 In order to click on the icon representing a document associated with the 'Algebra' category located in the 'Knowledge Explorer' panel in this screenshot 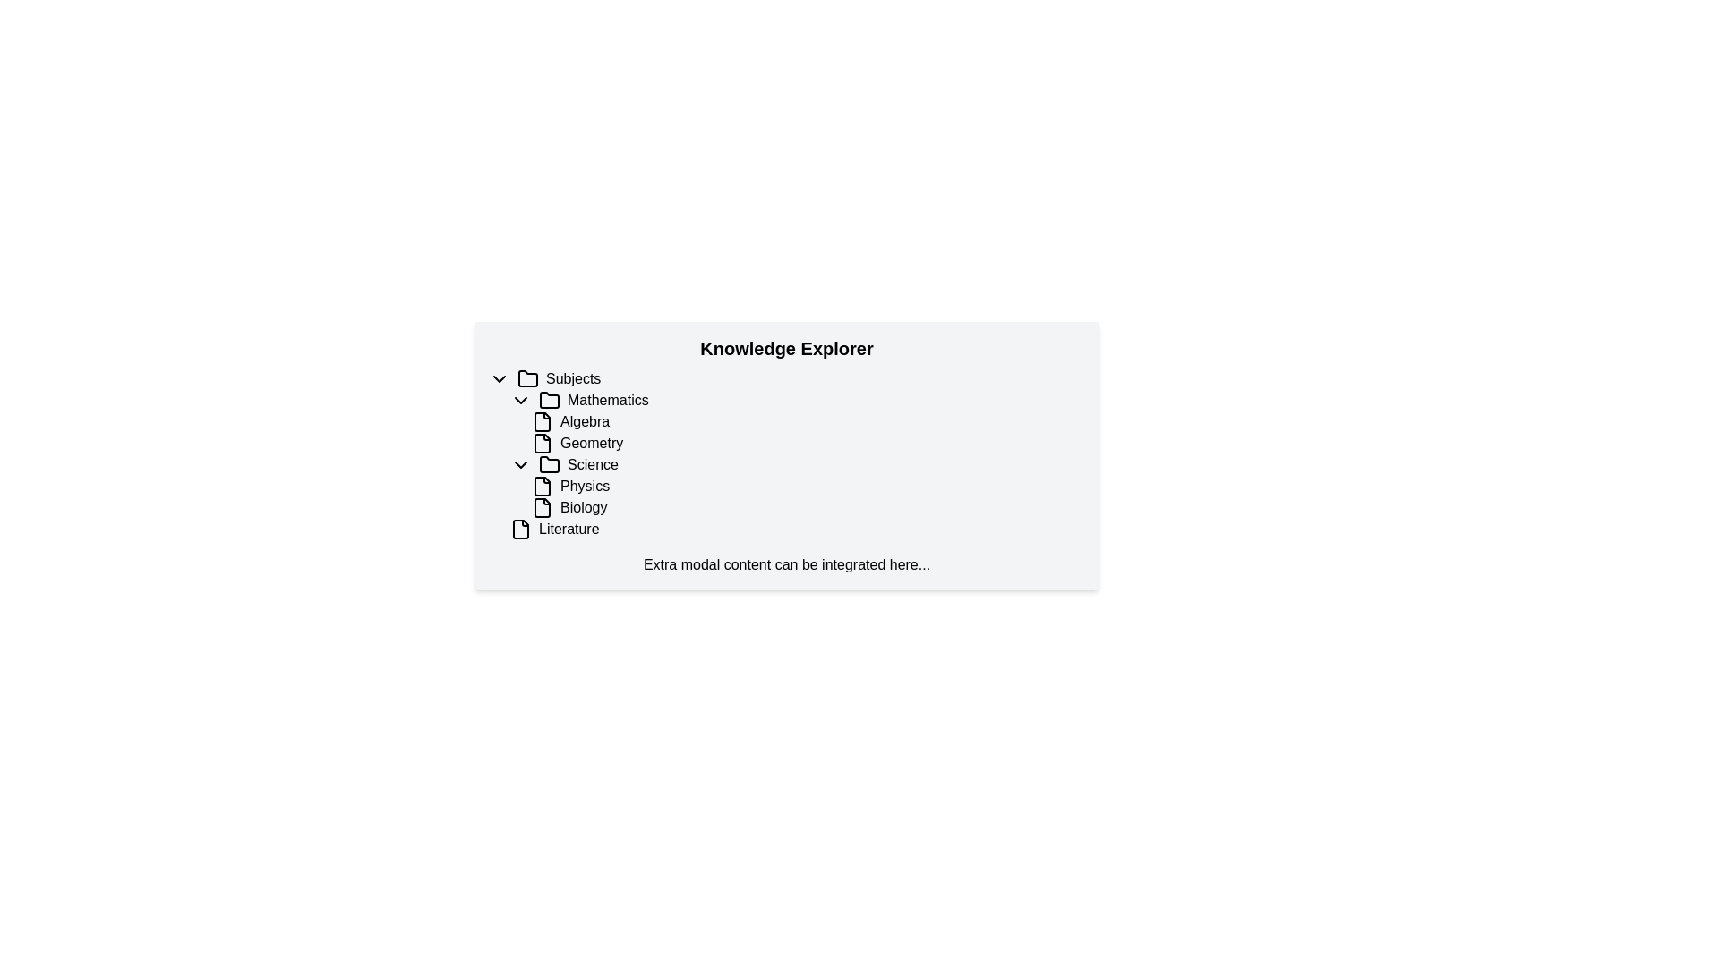, I will do `click(541, 421)`.